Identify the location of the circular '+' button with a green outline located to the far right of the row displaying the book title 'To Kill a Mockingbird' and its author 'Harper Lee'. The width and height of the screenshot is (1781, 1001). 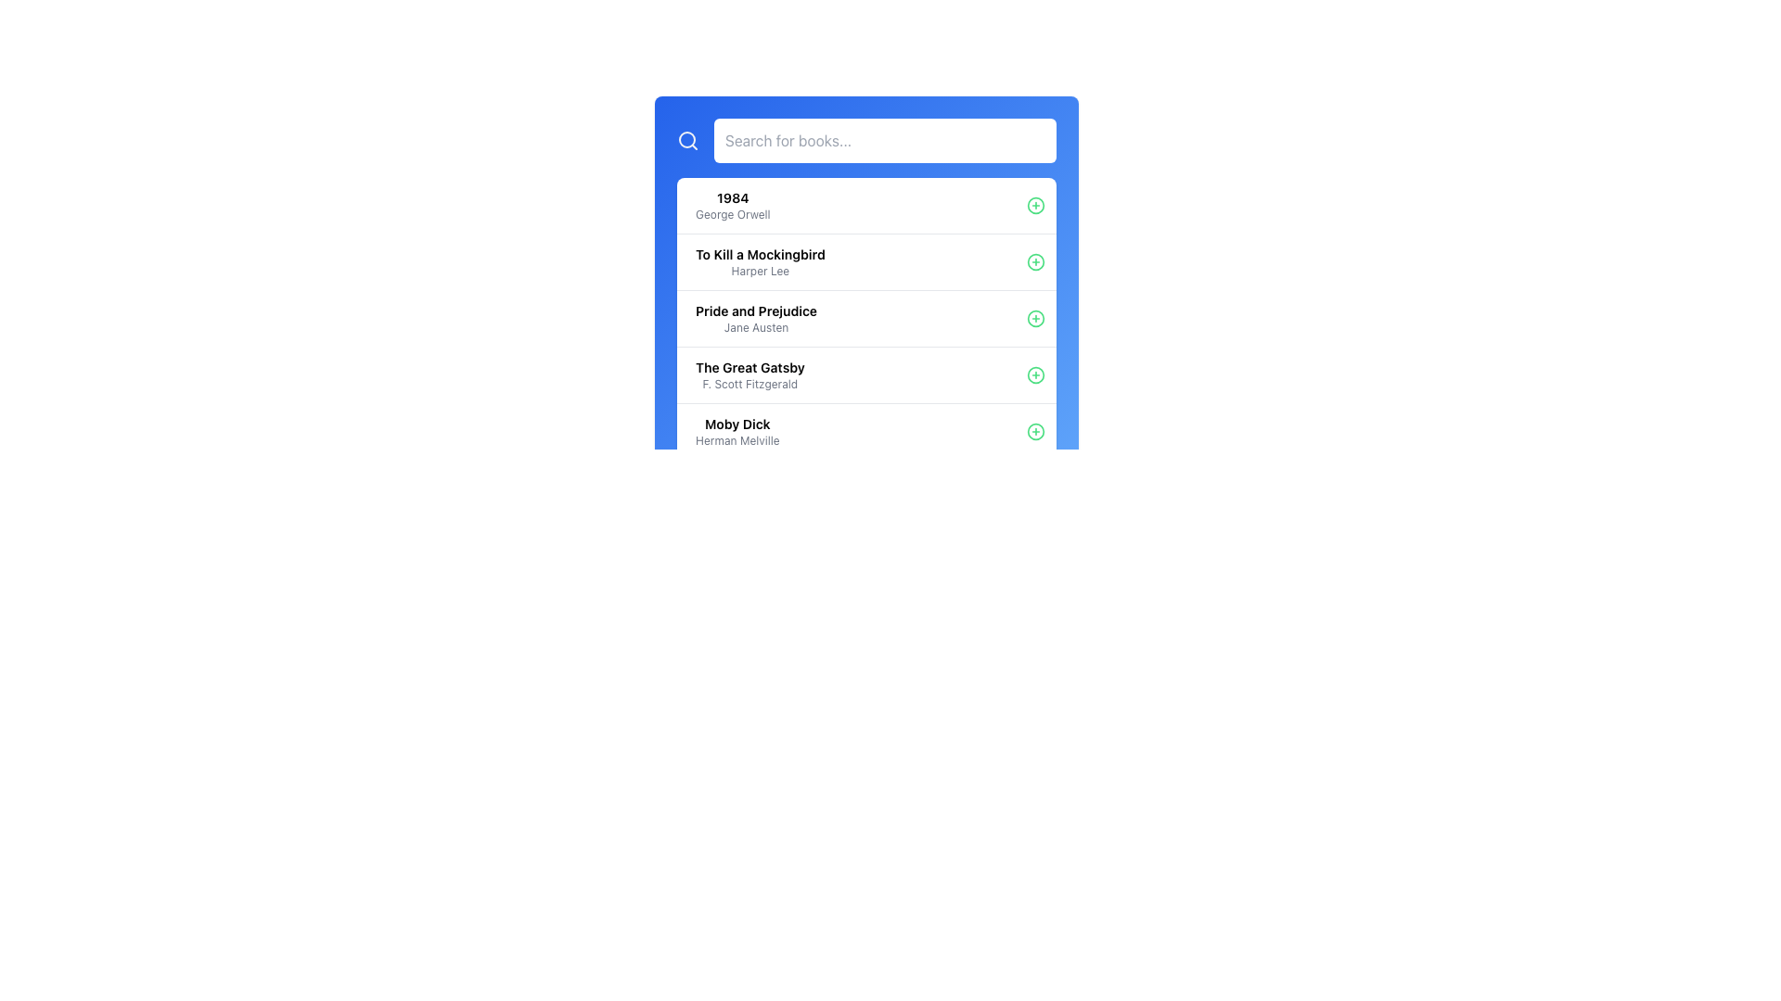
(1035, 261).